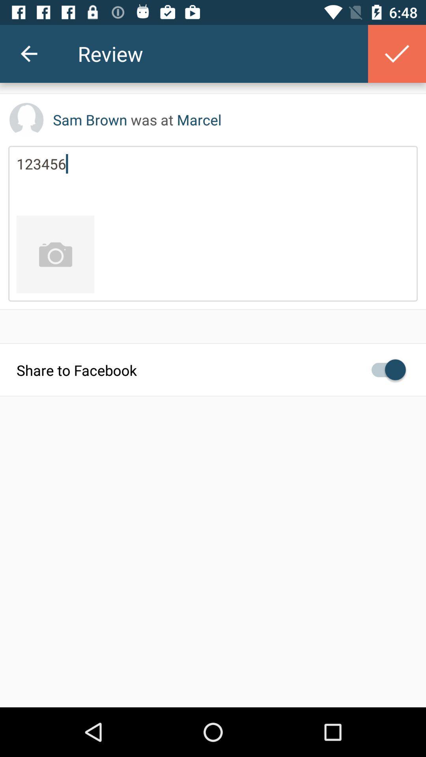 The width and height of the screenshot is (426, 757). I want to click on item below sam brown was icon, so click(213, 180).